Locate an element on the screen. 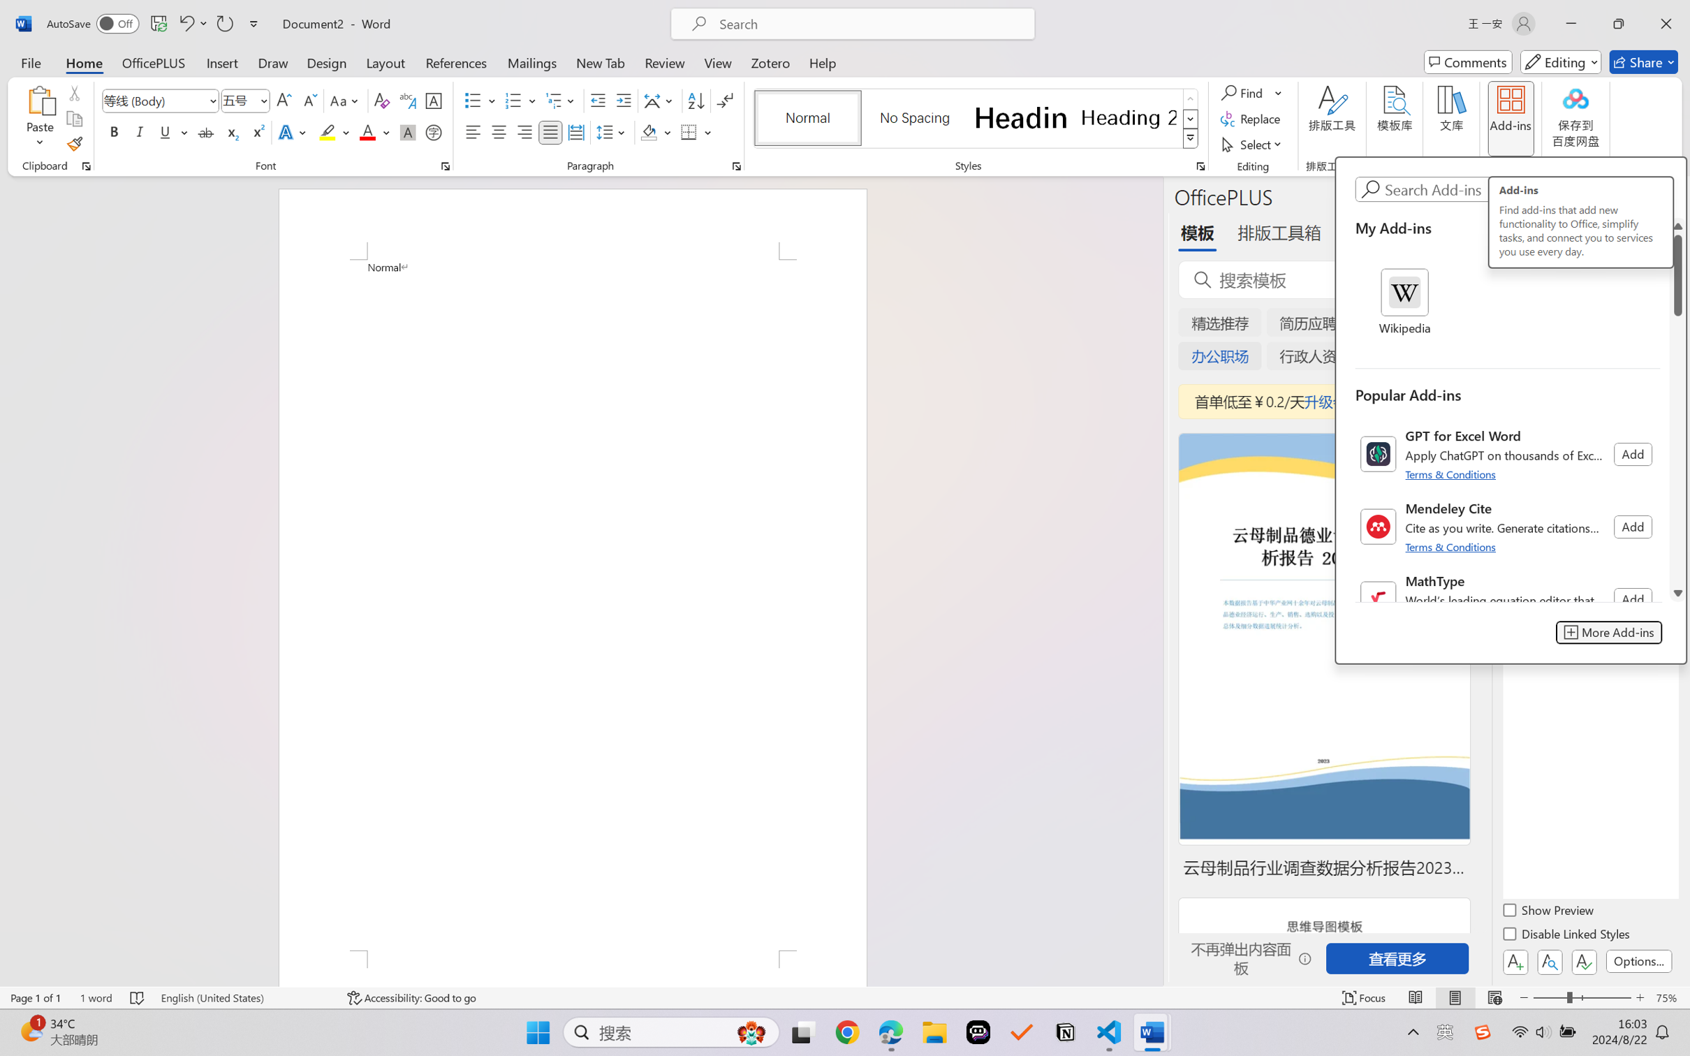 Image resolution: width=1690 pixels, height=1056 pixels. 'Class: NetUIButton' is located at coordinates (1585, 961).